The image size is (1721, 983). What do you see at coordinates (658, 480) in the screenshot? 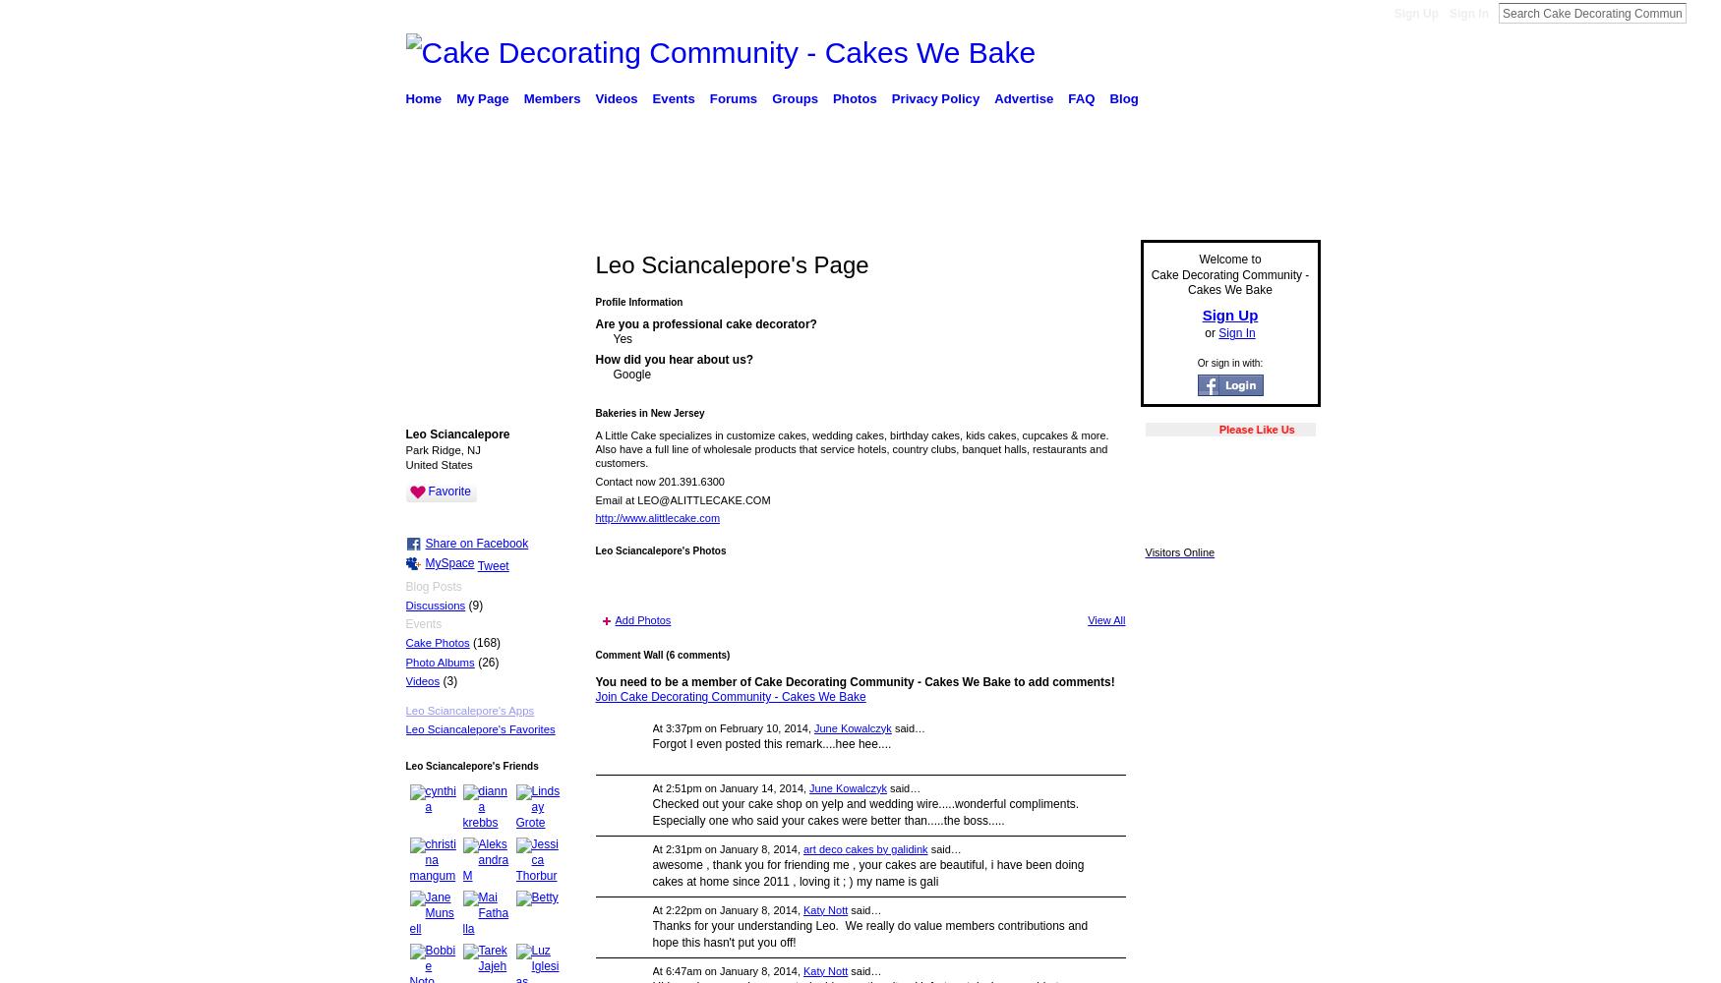
I see `'Contact now 201.391.6300'` at bounding box center [658, 480].